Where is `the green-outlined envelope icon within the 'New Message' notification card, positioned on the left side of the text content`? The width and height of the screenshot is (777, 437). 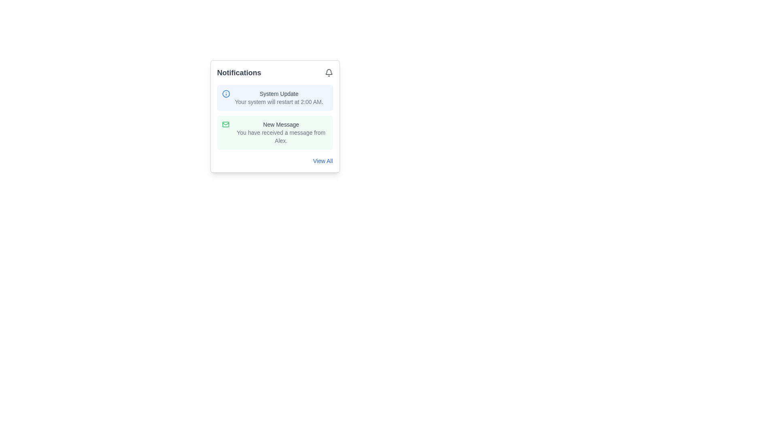 the green-outlined envelope icon within the 'New Message' notification card, positioned on the left side of the text content is located at coordinates (225, 125).